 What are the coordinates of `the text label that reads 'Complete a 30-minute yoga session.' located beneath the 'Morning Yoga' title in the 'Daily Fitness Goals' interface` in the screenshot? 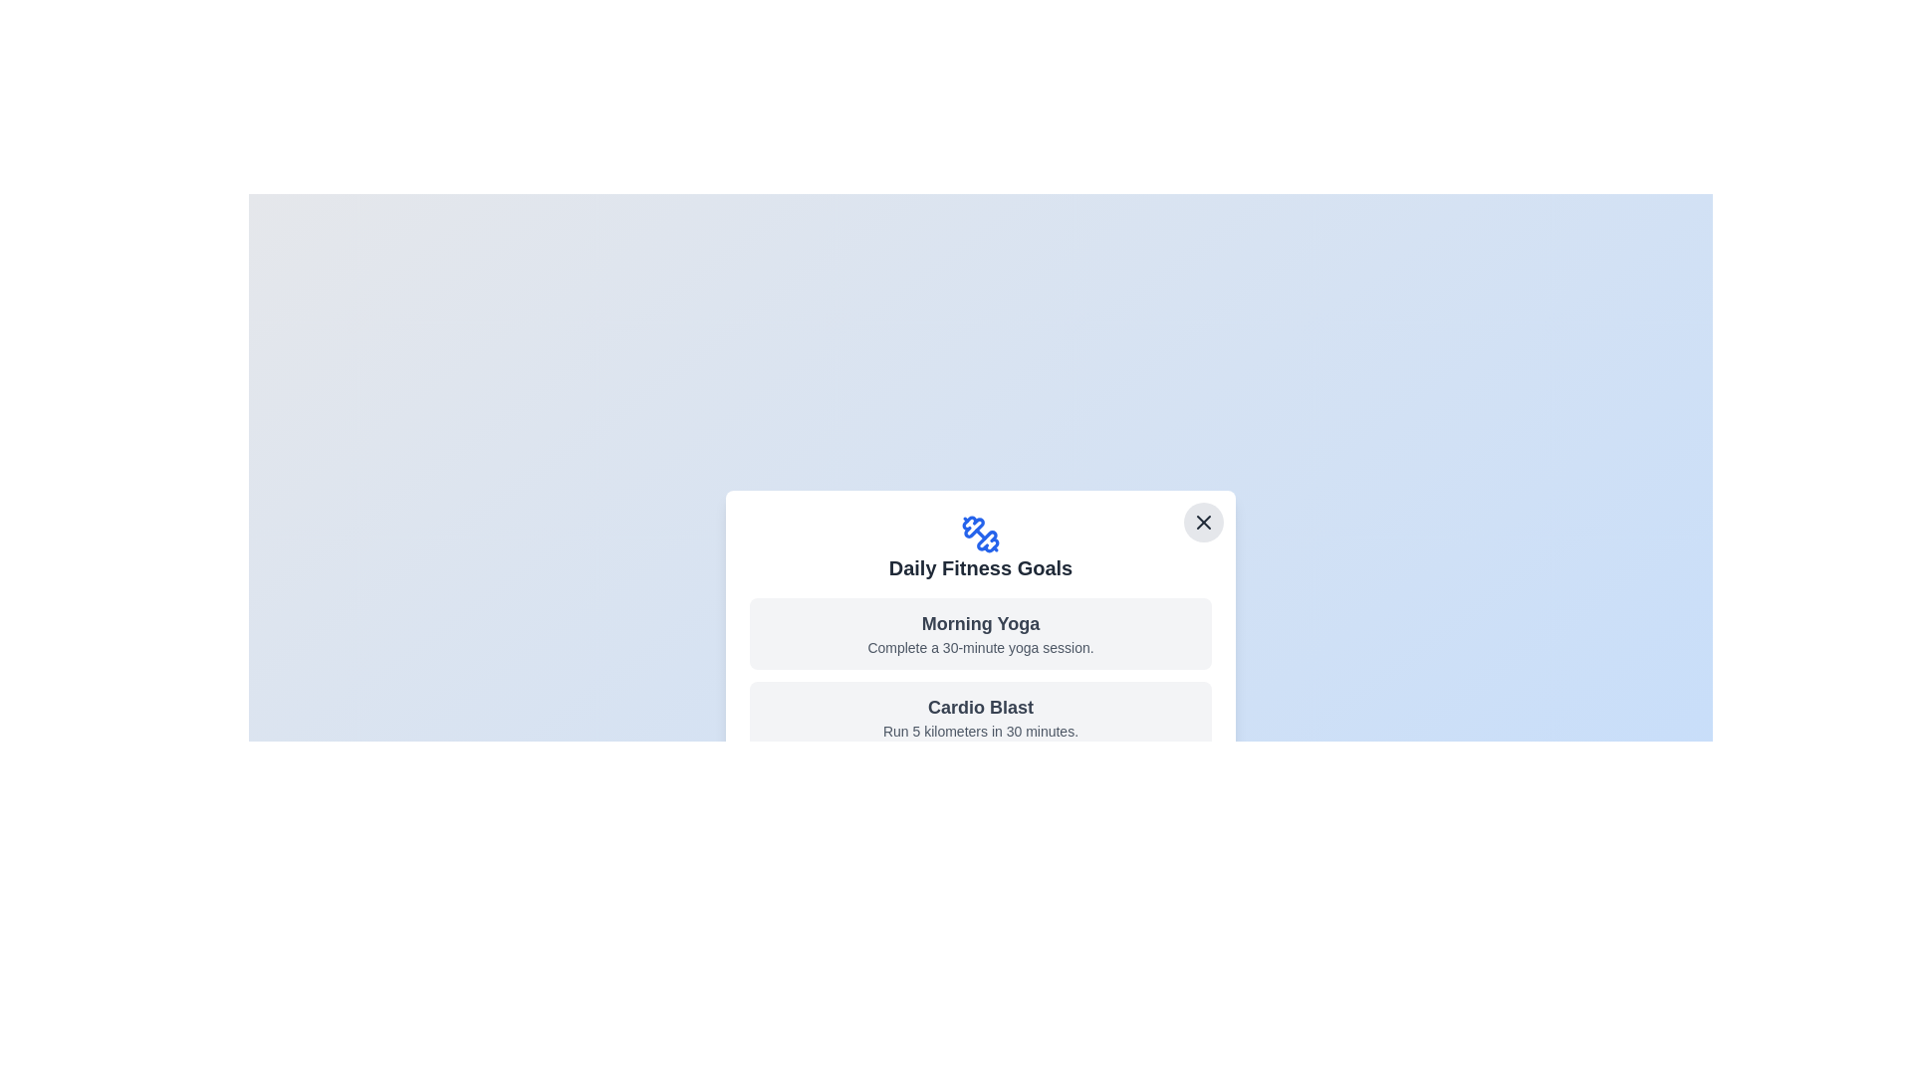 It's located at (980, 648).